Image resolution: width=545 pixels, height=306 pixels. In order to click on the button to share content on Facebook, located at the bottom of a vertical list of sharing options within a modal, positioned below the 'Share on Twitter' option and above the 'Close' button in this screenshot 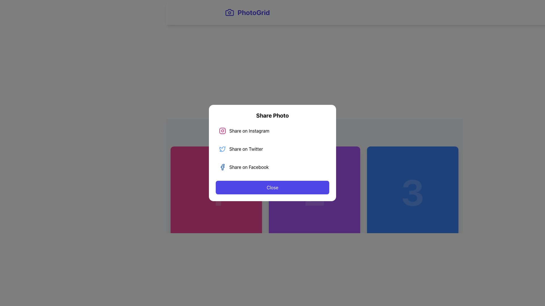, I will do `click(272, 167)`.